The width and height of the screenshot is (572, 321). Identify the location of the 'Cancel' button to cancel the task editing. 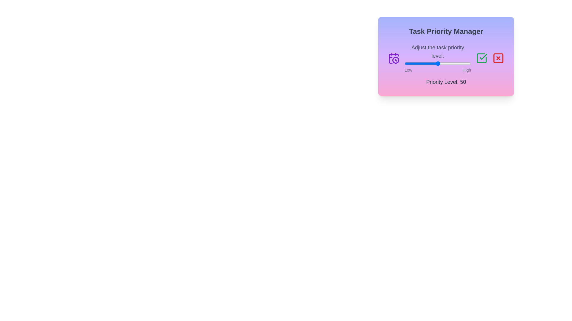
(498, 58).